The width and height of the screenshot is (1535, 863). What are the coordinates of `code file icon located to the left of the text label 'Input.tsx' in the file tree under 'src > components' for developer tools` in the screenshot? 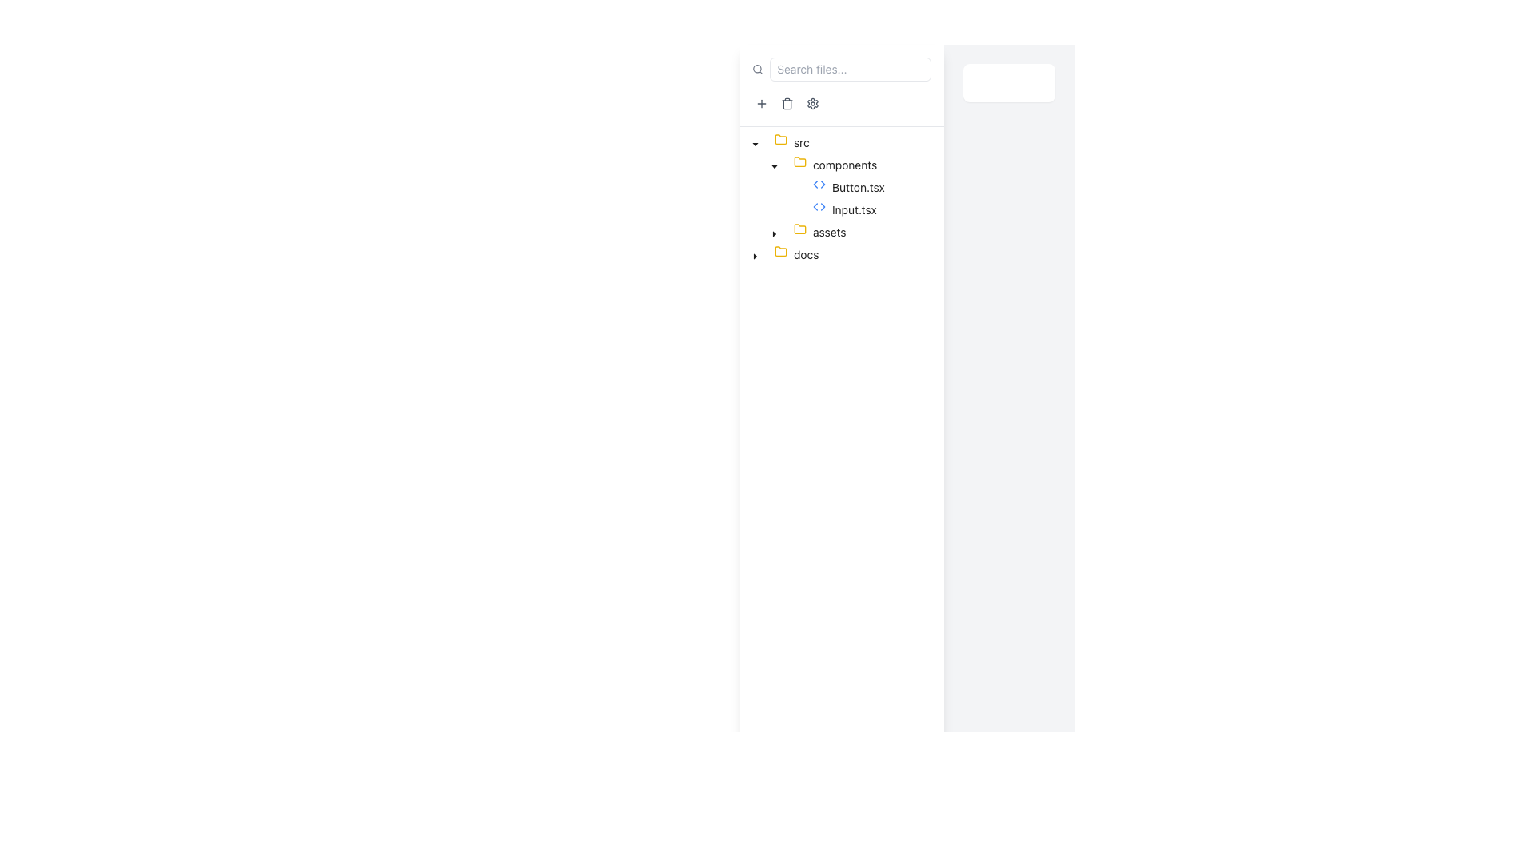 It's located at (822, 209).